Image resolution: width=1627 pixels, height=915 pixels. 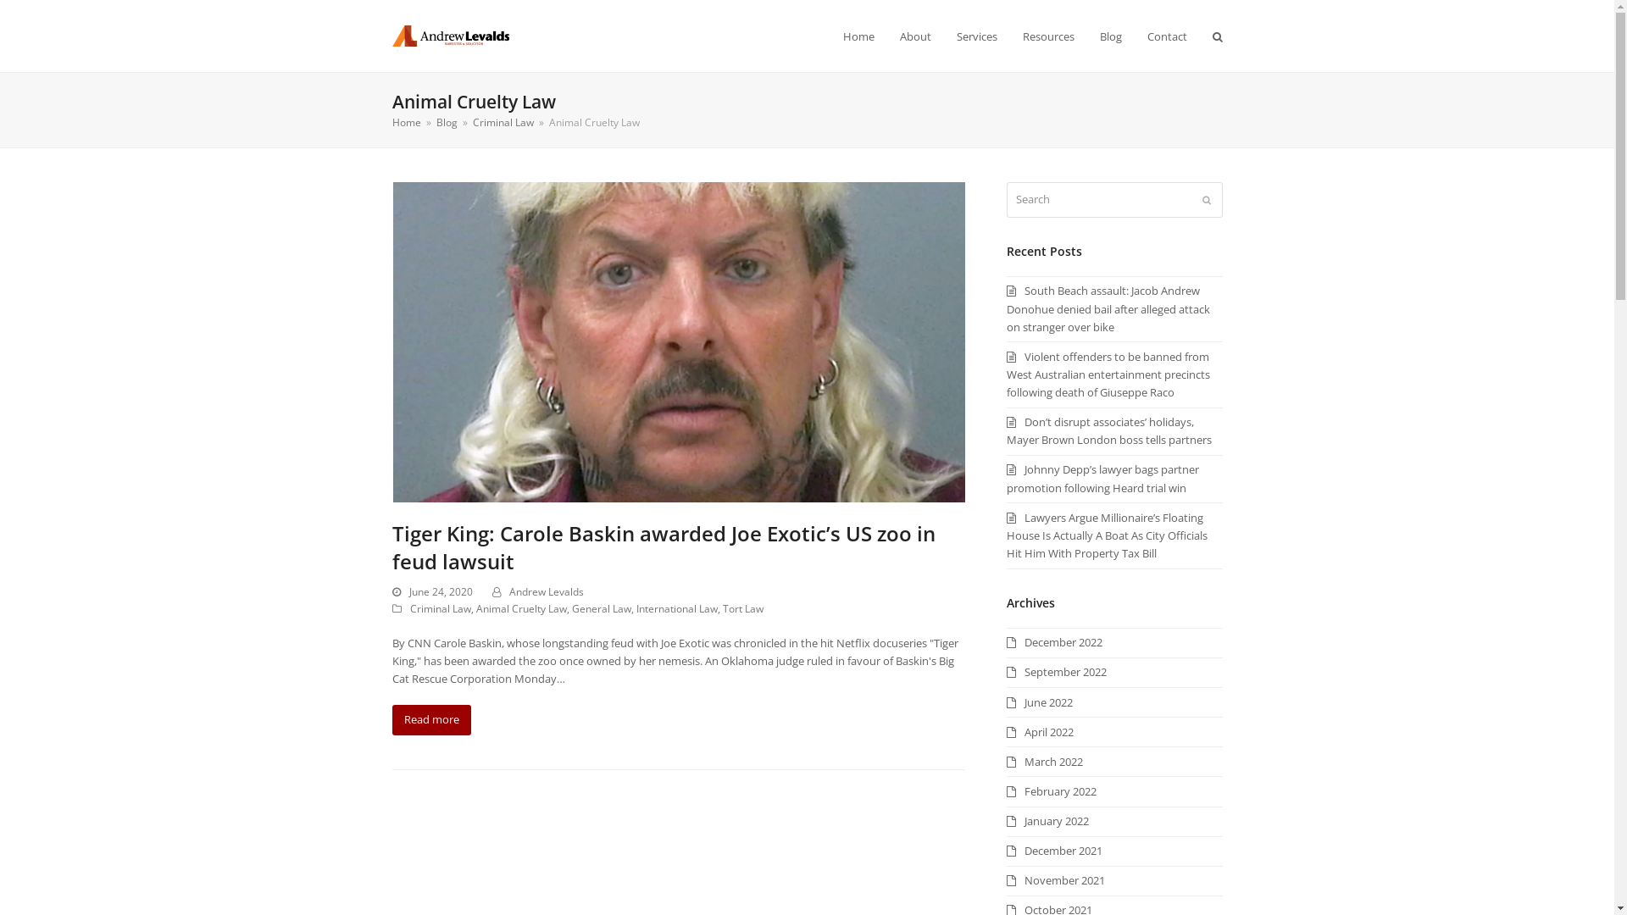 What do you see at coordinates (1044, 760) in the screenshot?
I see `'March 2022'` at bounding box center [1044, 760].